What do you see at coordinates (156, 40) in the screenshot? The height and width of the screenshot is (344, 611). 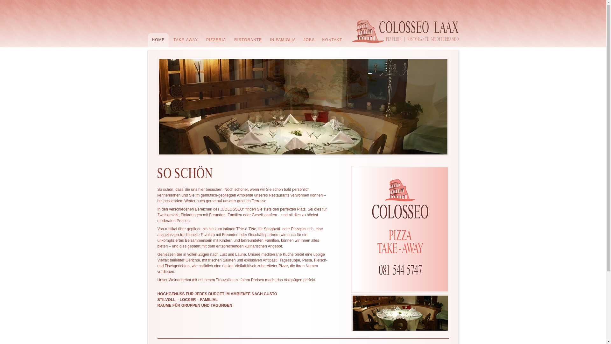 I see `'HOME'` at bounding box center [156, 40].